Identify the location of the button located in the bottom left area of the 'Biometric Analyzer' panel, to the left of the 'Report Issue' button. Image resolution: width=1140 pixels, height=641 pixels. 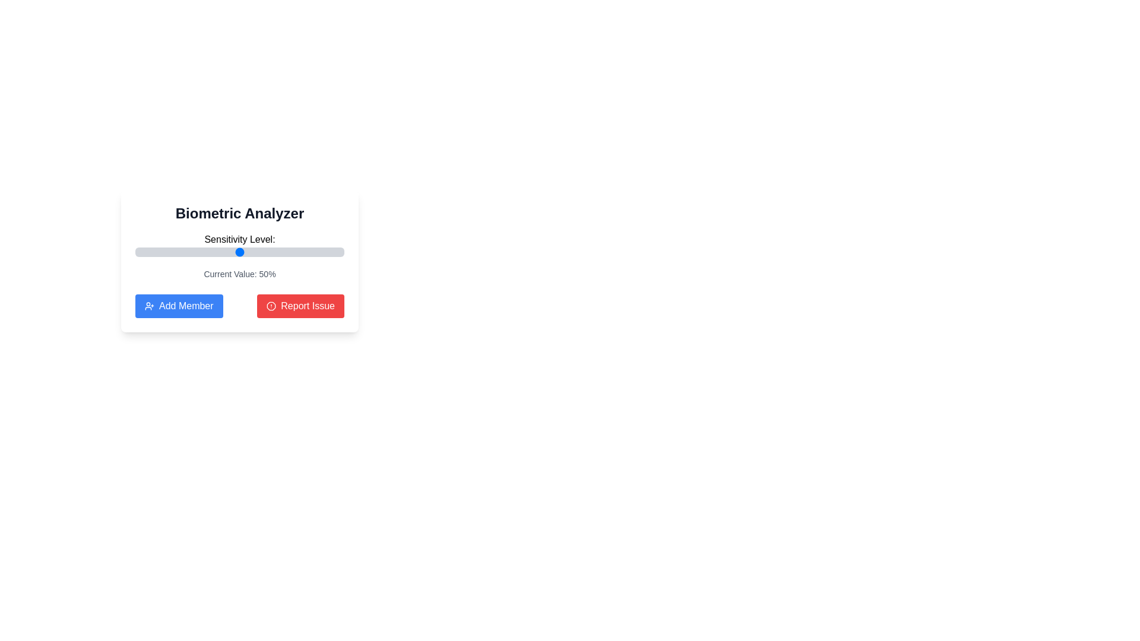
(178, 306).